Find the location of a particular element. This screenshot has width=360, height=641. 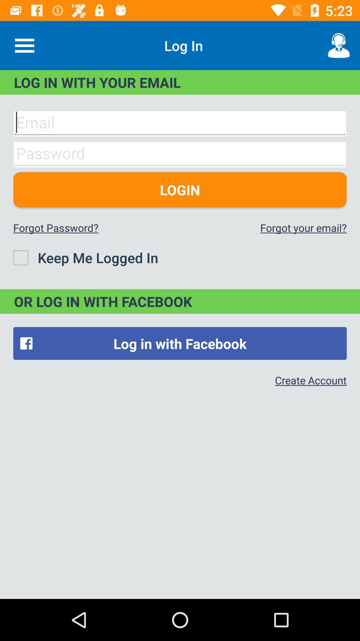

item above log in with item is located at coordinates (24, 45).